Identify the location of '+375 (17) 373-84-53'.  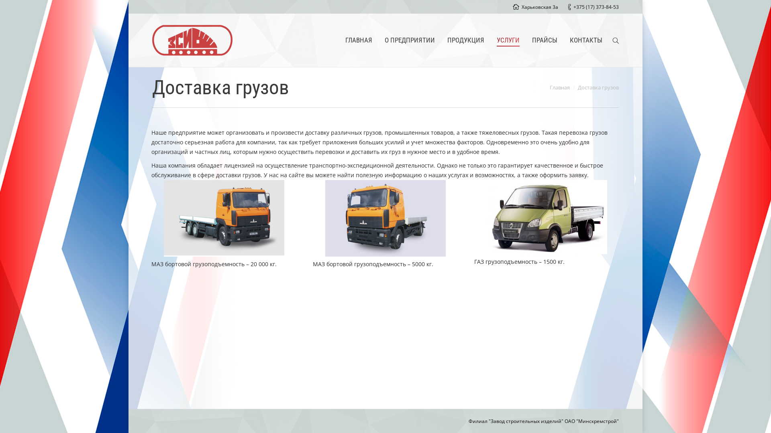
(573, 7).